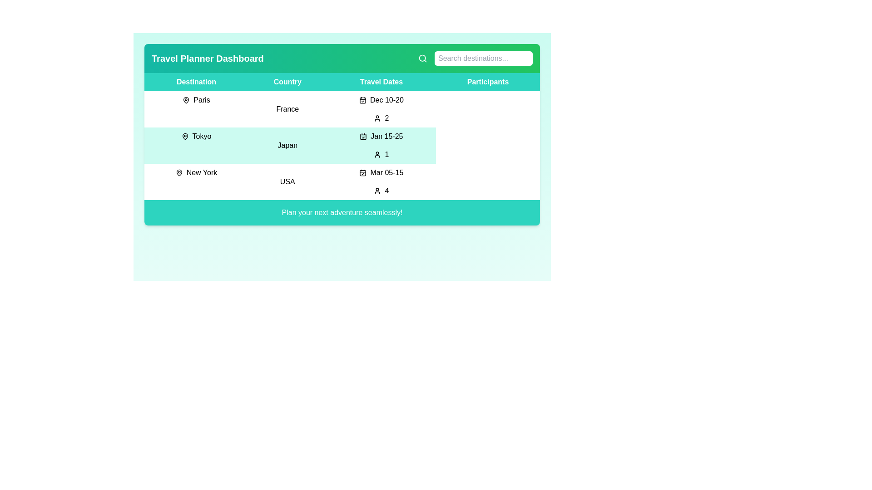 The image size is (872, 490). Describe the element at coordinates (422, 58) in the screenshot. I see `the SVG circle element located at the far-right corner of the header bar, next to the 'Search destinations...' text input field, as it is integrated into an interactive component` at that location.